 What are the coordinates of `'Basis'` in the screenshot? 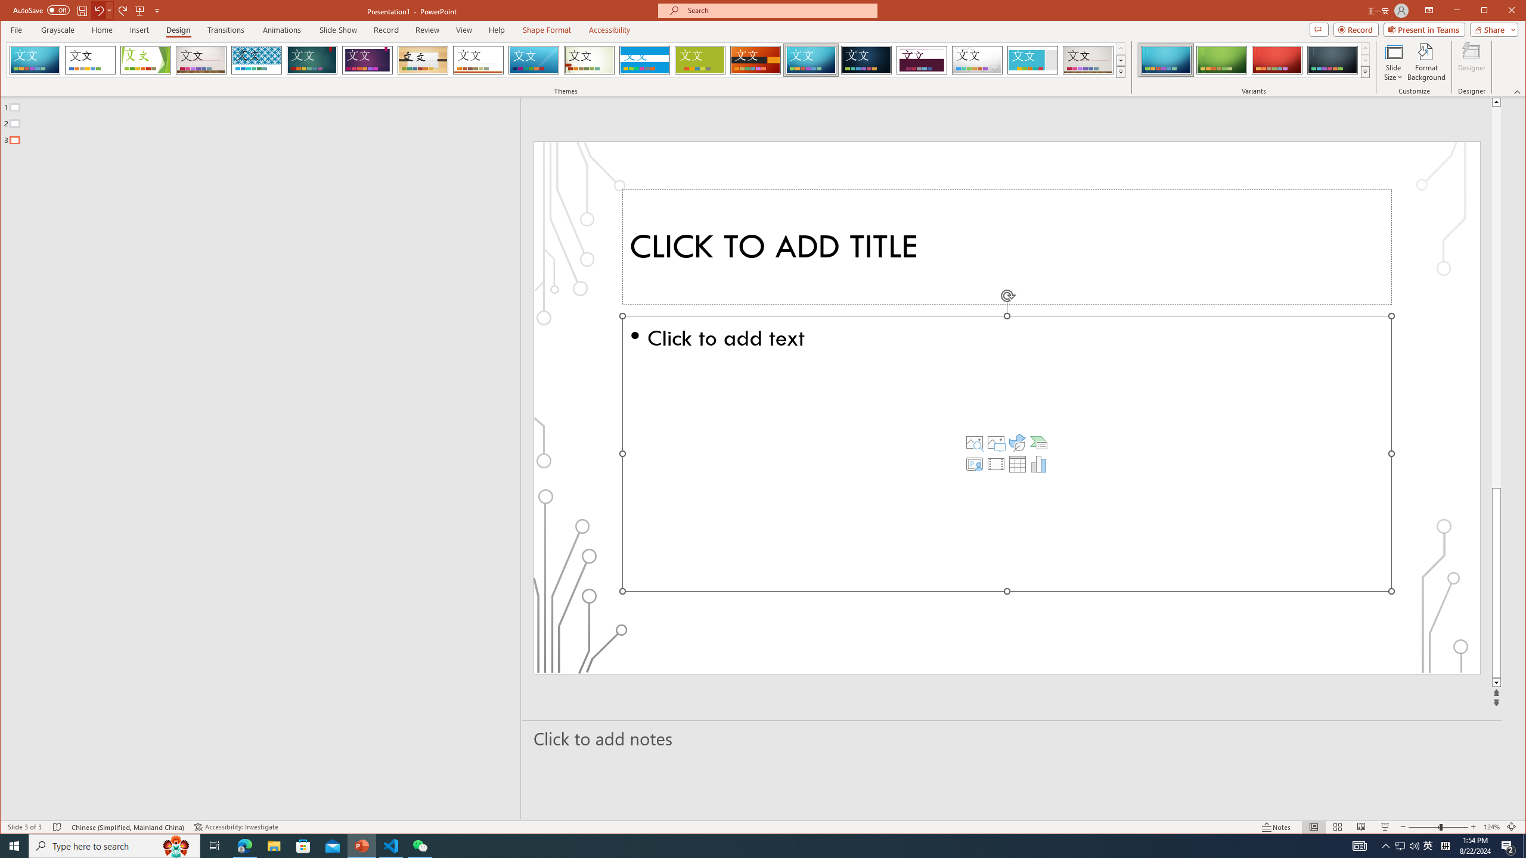 It's located at (700, 60).